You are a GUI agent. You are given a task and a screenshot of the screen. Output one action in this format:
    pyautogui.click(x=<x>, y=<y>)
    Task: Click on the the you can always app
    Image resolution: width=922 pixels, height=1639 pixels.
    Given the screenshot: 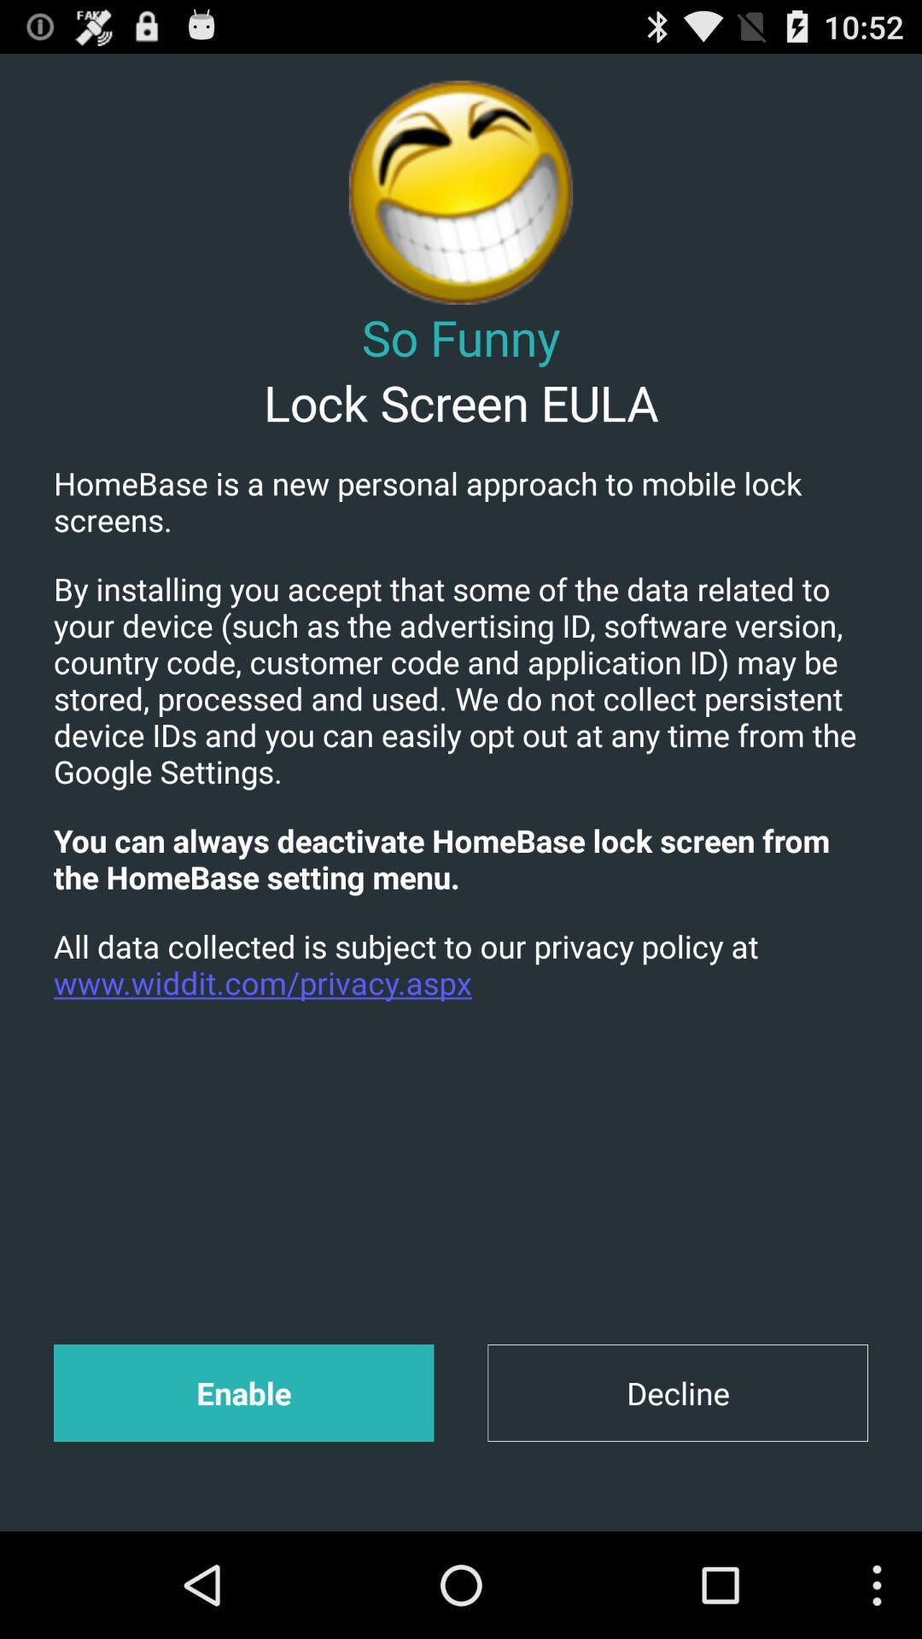 What is the action you would take?
    pyautogui.click(x=461, y=859)
    